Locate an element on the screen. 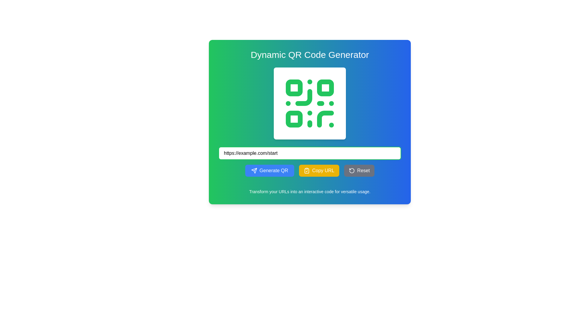 This screenshot has width=577, height=324. the decorative SVG-based clipboard icon element located to the left of the 'Copy URL' button is located at coordinates (307, 171).